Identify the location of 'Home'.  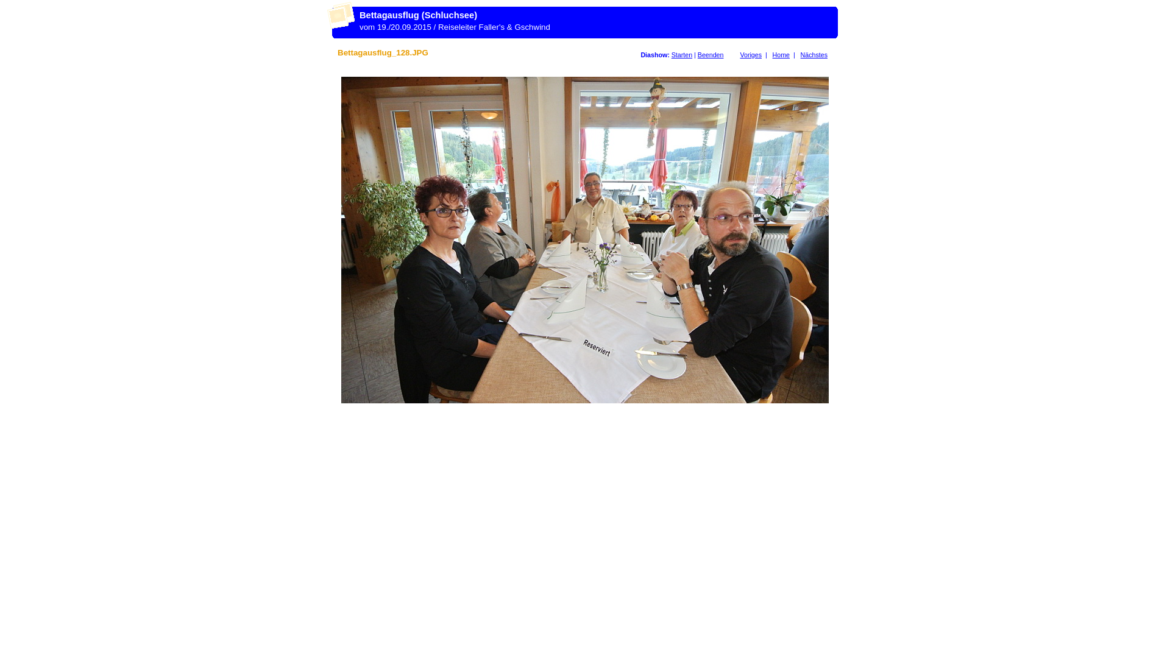
(781, 54).